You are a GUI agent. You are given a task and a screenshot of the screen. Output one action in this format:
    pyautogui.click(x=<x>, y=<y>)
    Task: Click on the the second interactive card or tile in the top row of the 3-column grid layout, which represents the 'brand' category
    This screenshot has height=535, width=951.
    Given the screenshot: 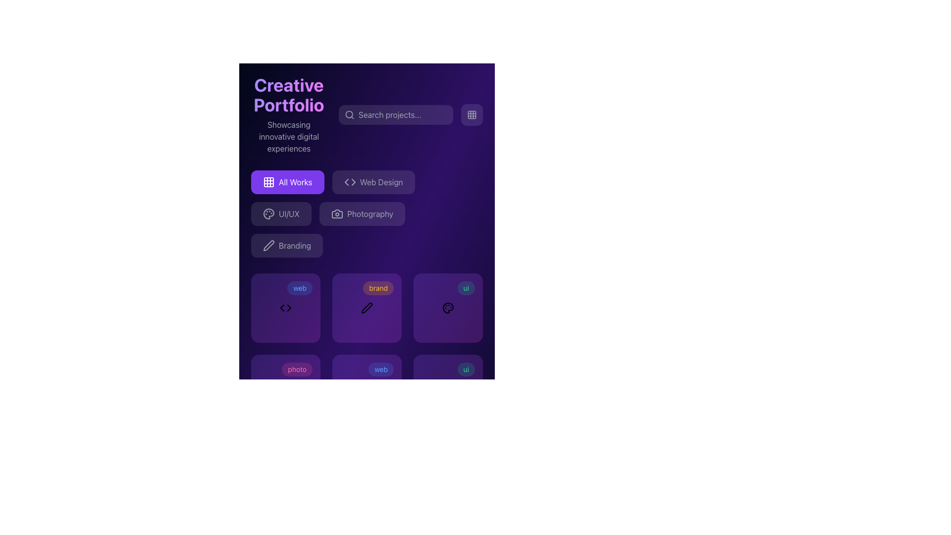 What is the action you would take?
    pyautogui.click(x=366, y=307)
    